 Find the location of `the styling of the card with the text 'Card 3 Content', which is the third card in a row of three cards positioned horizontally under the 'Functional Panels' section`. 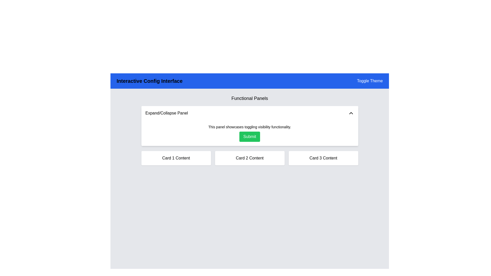

the styling of the card with the text 'Card 3 Content', which is the third card in a row of three cards positioned horizontally under the 'Functional Panels' section is located at coordinates (323, 158).